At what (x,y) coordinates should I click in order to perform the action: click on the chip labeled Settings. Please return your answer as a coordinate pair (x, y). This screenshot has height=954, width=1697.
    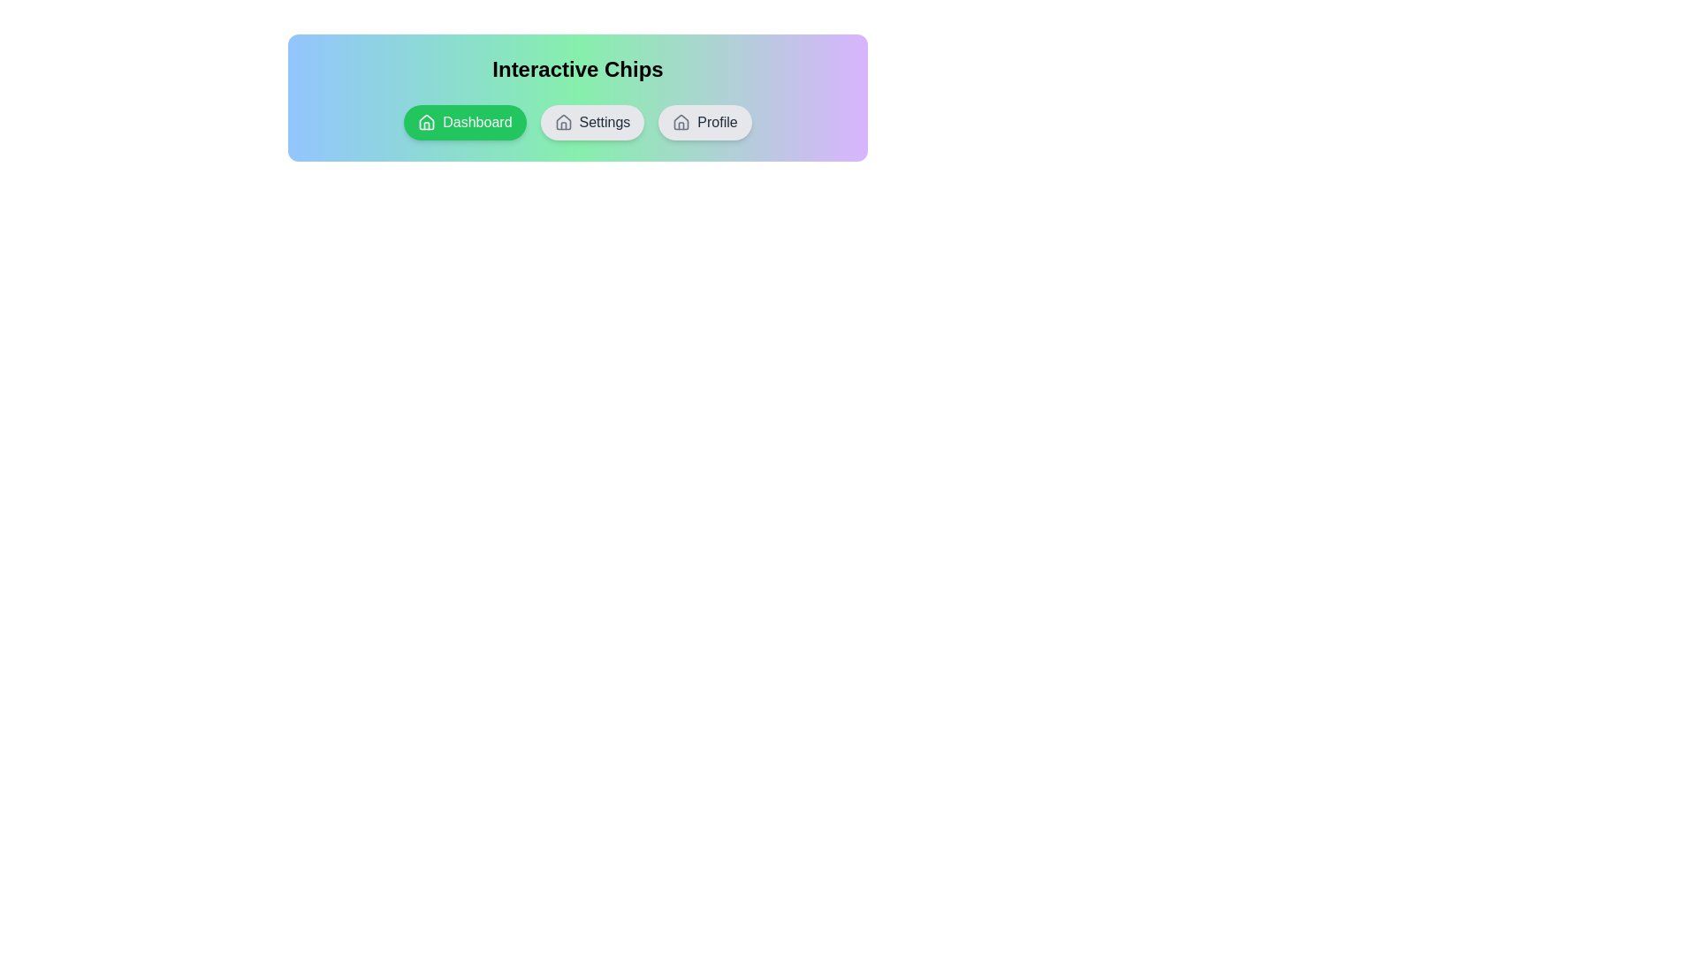
    Looking at the image, I should click on (592, 121).